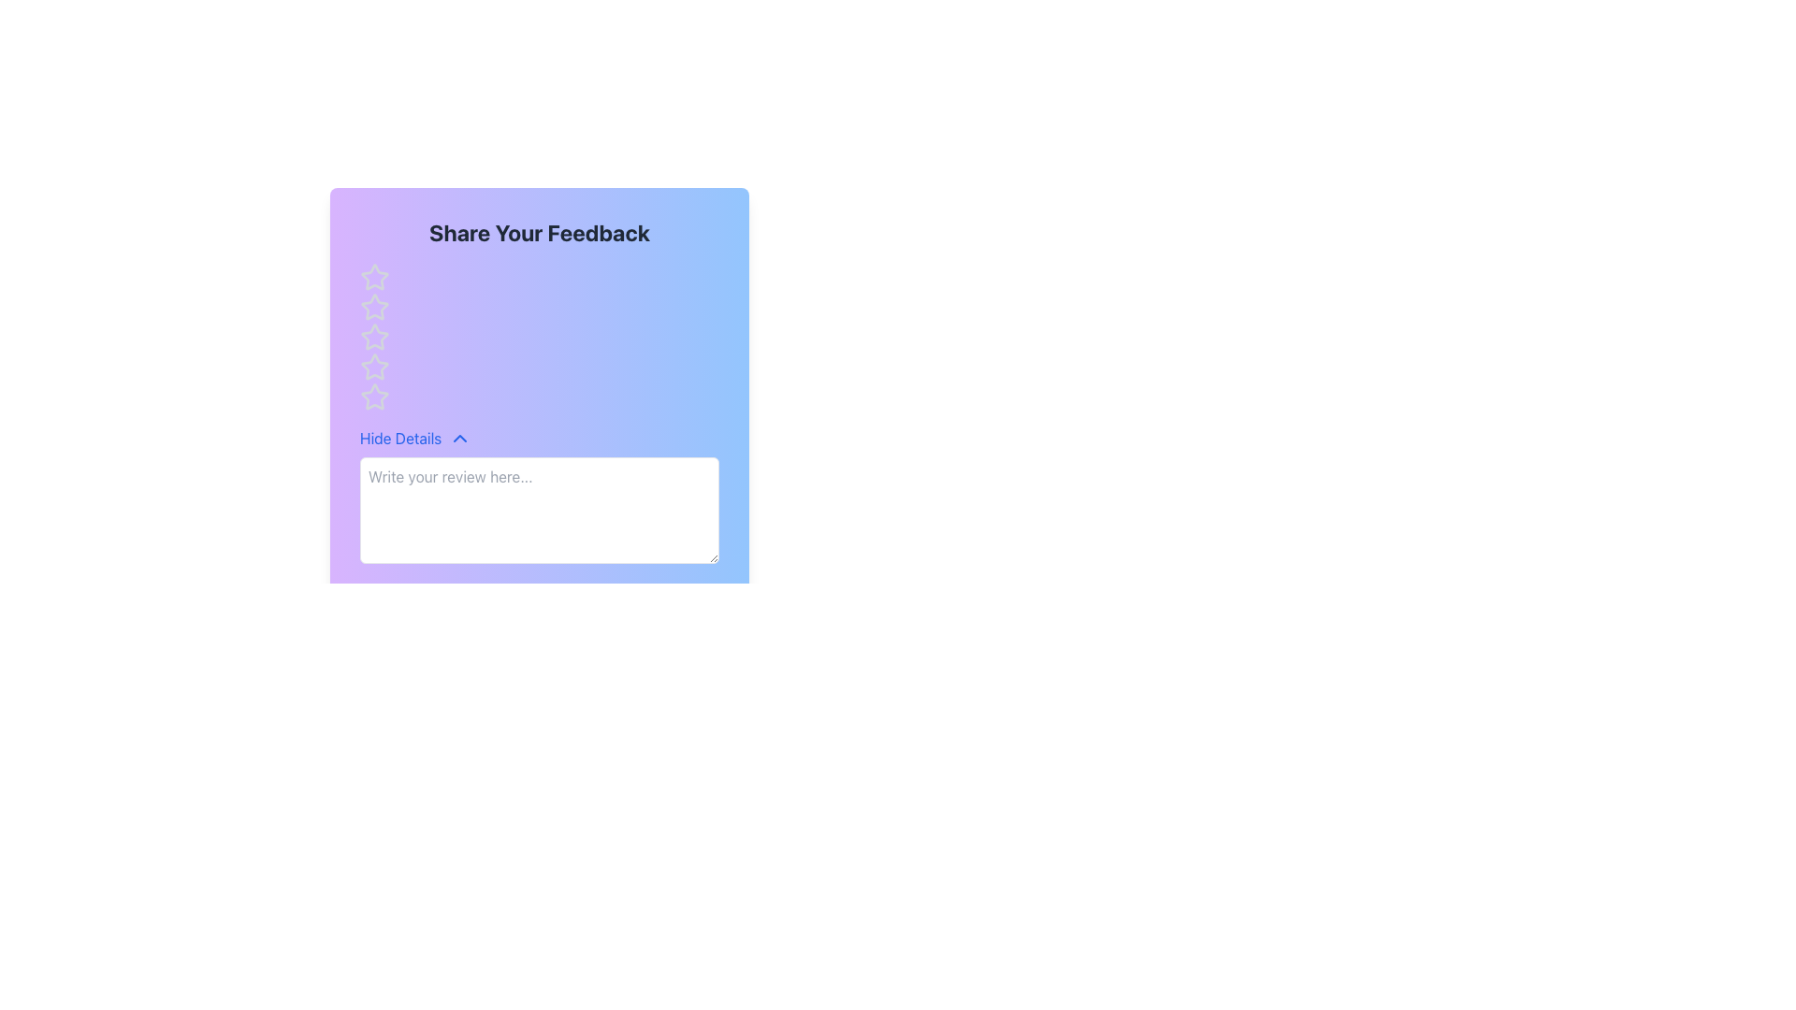 The height and width of the screenshot is (1010, 1796). I want to click on the toggle icon located to the right of the 'Hide Details' text in the 'Share Your Feedback' section, so click(460, 439).